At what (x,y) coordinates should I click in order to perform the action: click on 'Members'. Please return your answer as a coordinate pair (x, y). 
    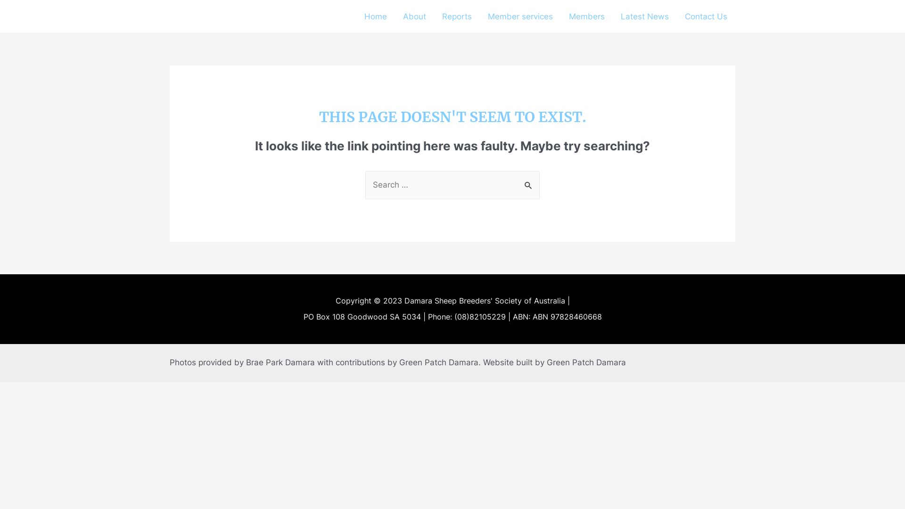
    Looking at the image, I should click on (586, 16).